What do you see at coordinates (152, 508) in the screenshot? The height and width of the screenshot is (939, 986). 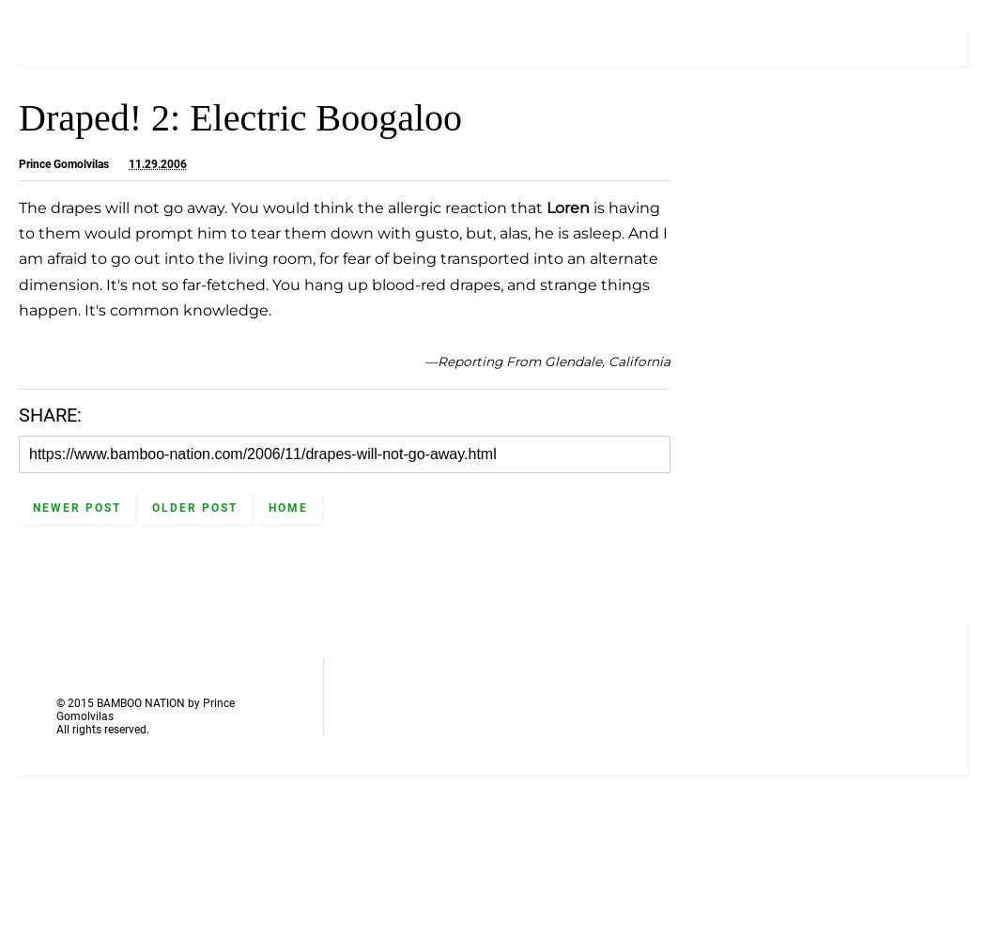 I see `'Older Post'` at bounding box center [152, 508].